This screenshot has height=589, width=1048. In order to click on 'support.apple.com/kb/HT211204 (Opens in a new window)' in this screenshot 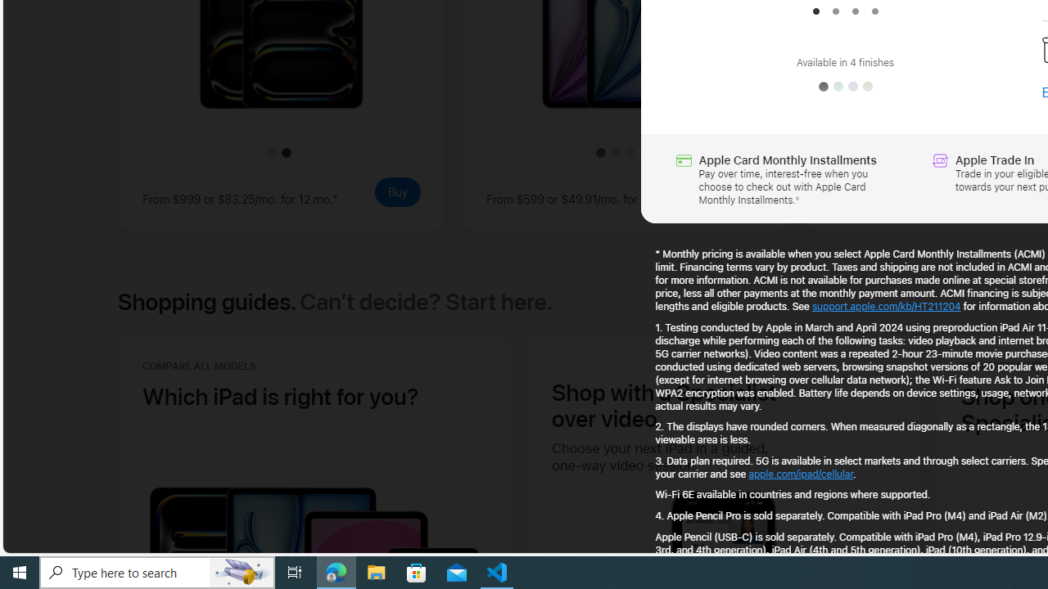, I will do `click(885, 307)`.